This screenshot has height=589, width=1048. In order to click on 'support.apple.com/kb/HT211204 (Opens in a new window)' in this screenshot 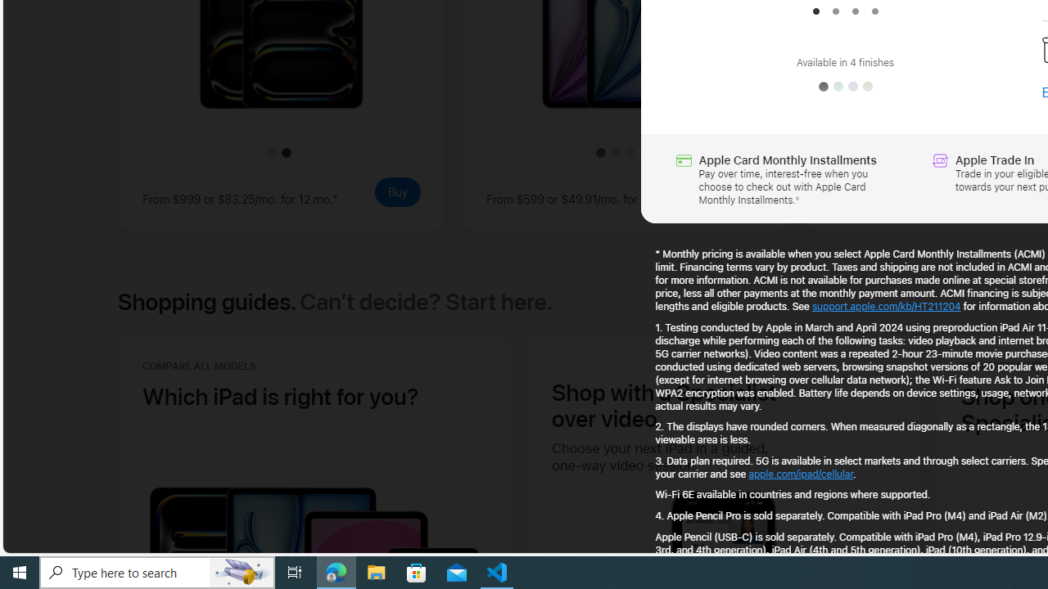, I will do `click(885, 307)`.